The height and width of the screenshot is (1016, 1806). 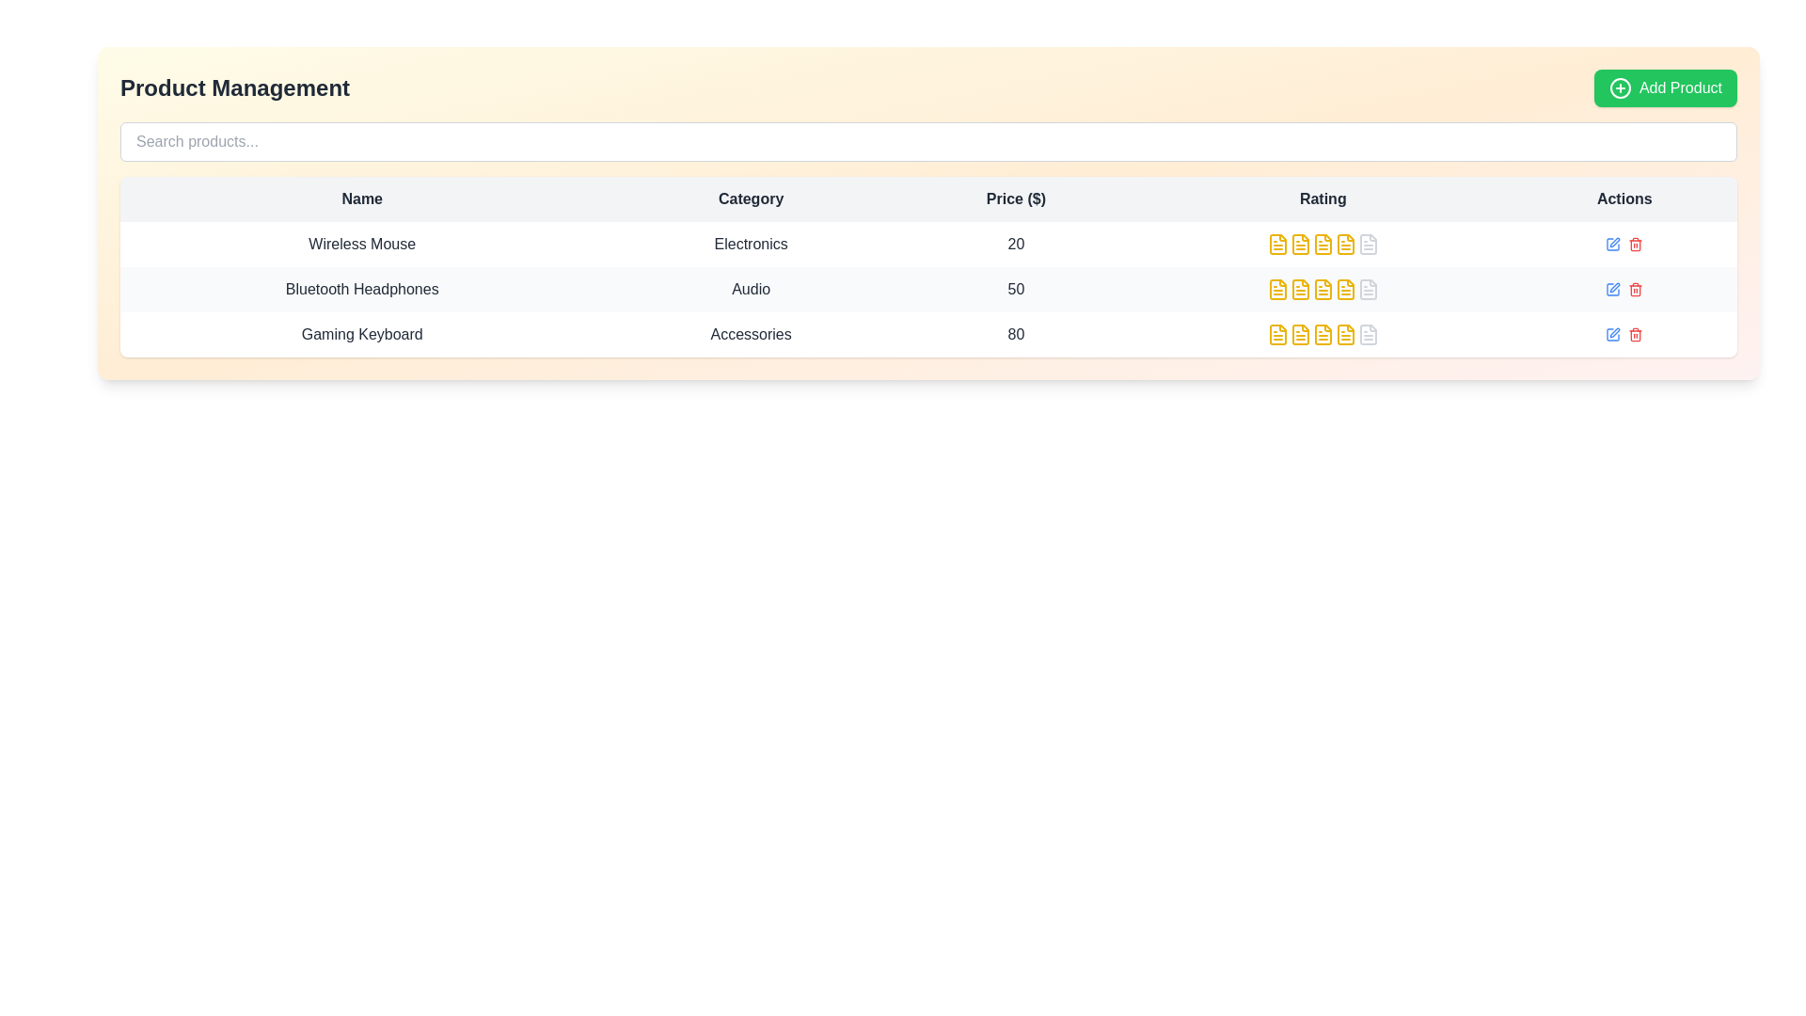 I want to click on the SVG icon that indicates the ability to add a new product, which is located at the center-left of the green 'Add Product' button in the top-right corner of the interface, so click(x=1620, y=87).